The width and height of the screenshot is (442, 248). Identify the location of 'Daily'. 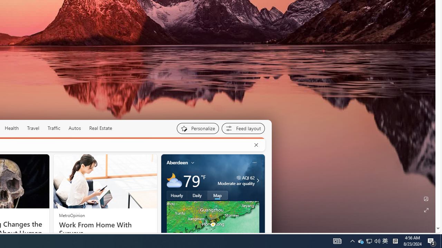
(197, 195).